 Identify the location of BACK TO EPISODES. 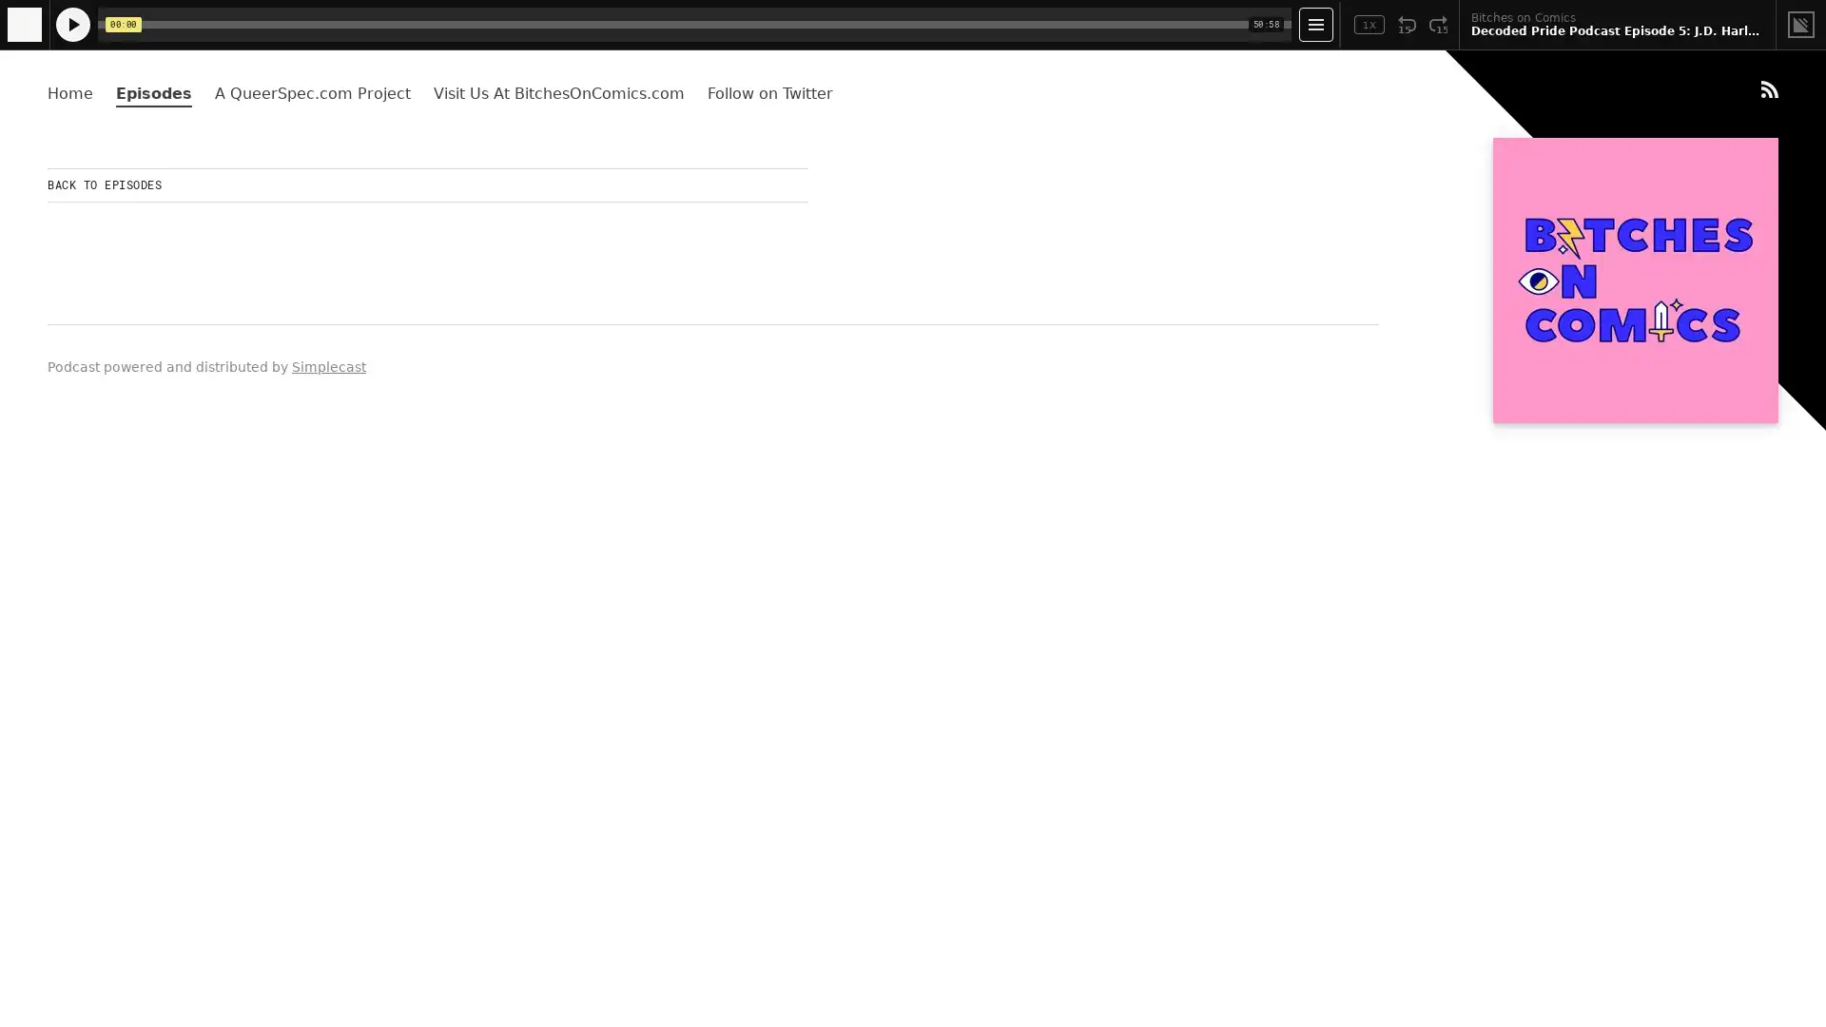
(427, 185).